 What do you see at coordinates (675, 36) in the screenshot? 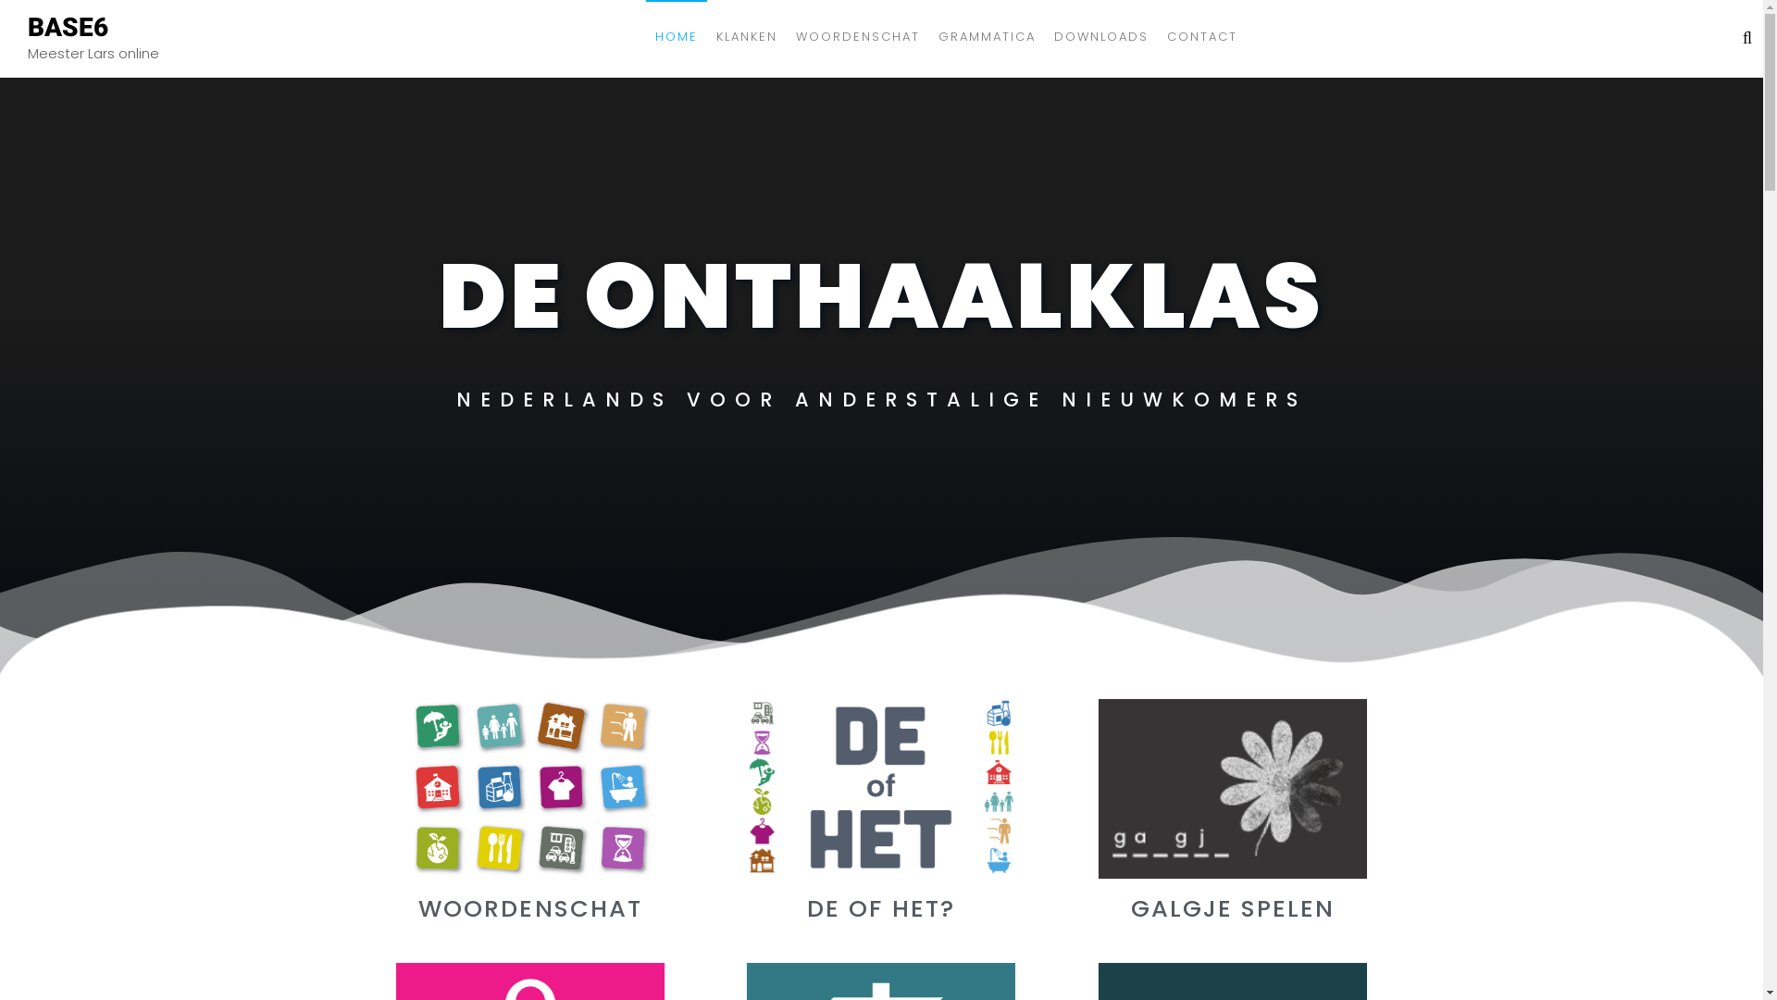
I see `'HOME'` at bounding box center [675, 36].